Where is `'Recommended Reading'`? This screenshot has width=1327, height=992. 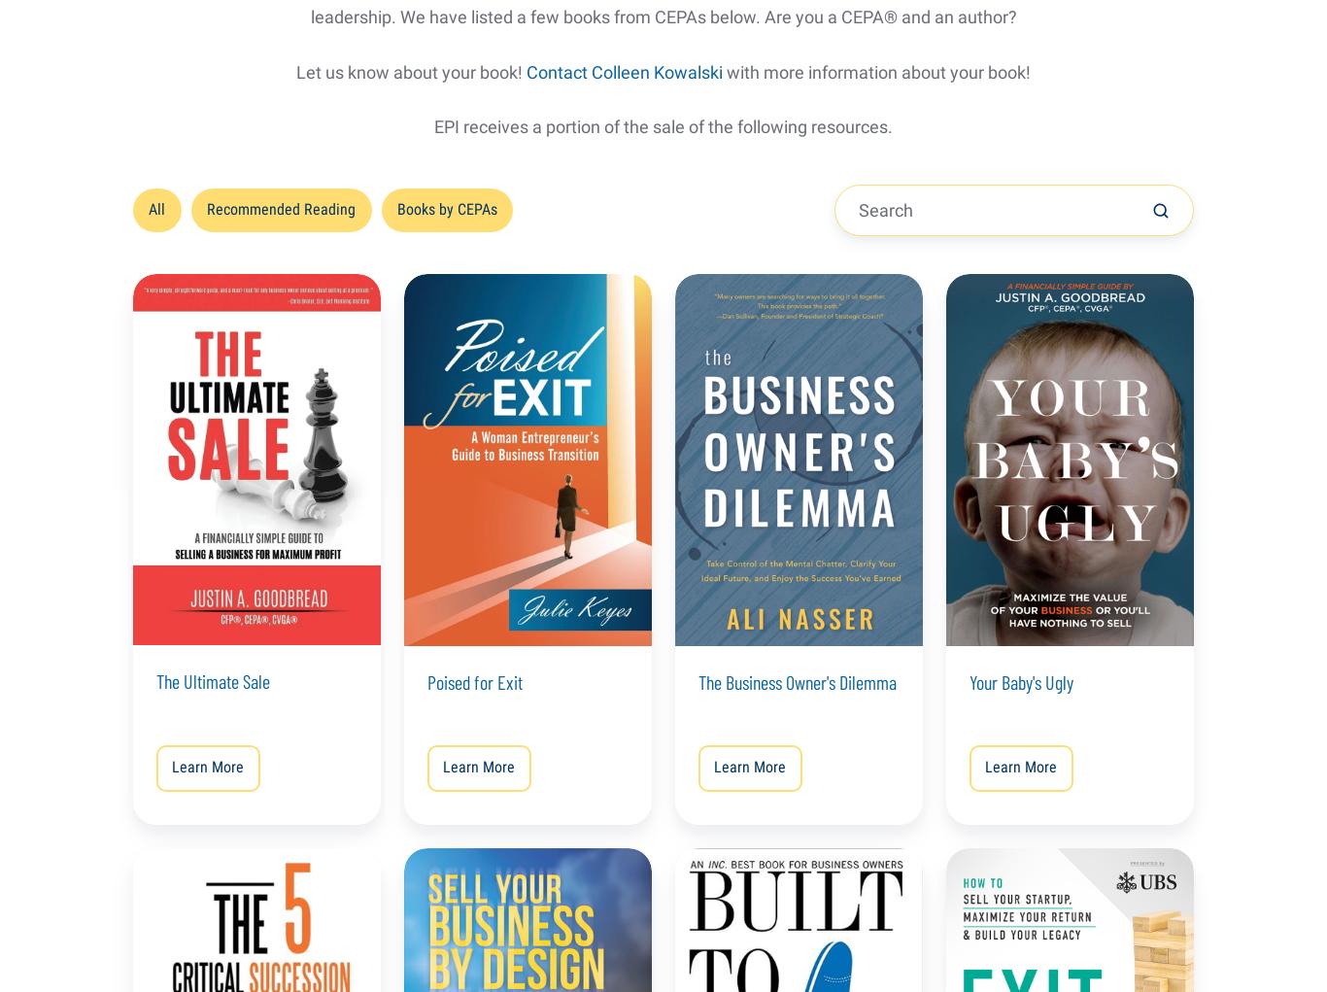 'Recommended Reading' is located at coordinates (281, 209).